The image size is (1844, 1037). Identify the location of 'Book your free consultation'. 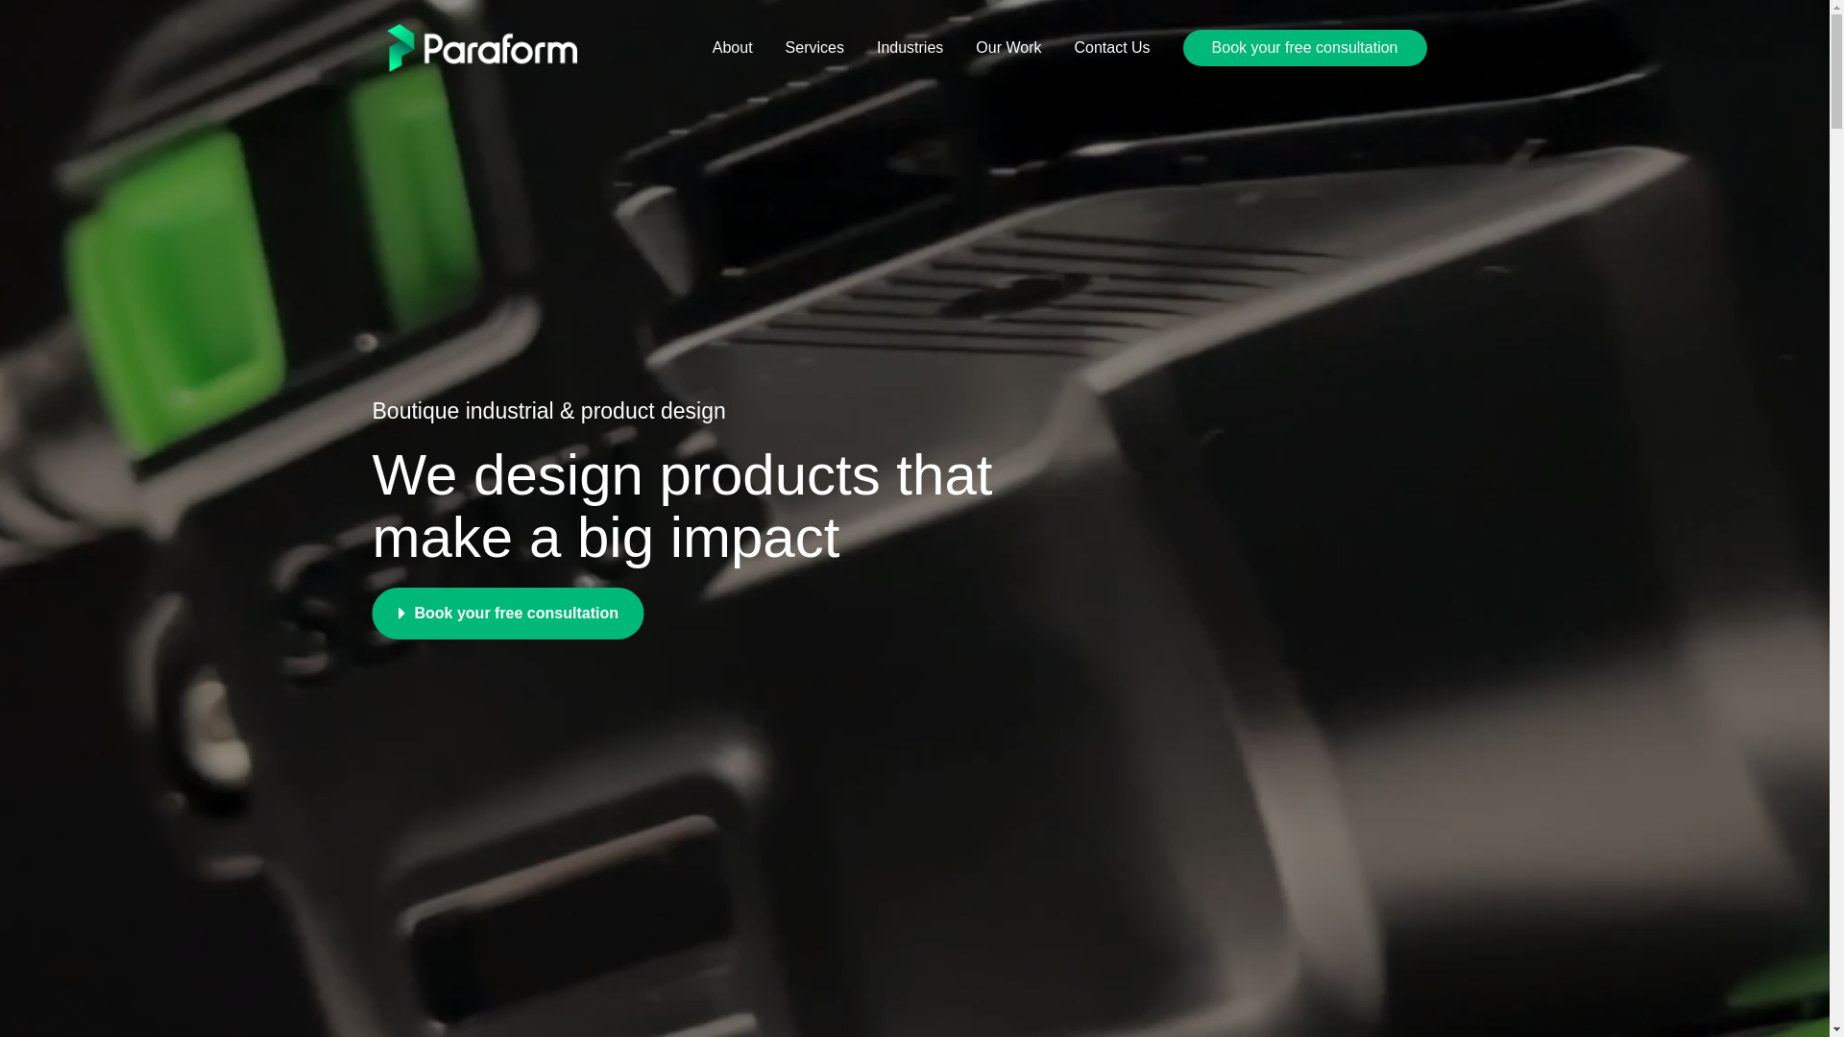
(508, 614).